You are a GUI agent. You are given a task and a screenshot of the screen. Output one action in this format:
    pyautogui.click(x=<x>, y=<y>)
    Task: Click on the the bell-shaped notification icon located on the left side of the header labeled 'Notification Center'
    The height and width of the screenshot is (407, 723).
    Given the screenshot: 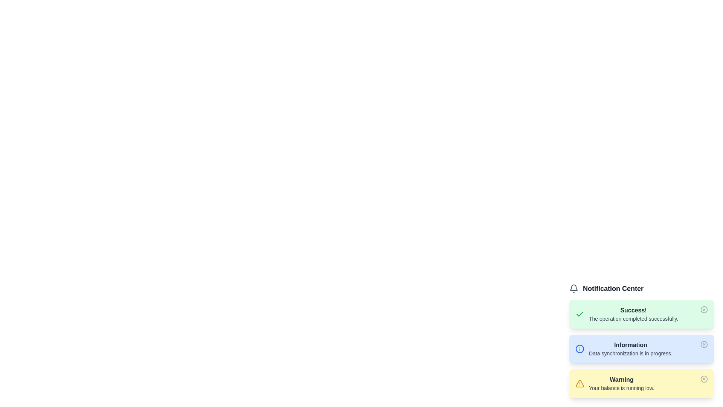 What is the action you would take?
    pyautogui.click(x=573, y=288)
    